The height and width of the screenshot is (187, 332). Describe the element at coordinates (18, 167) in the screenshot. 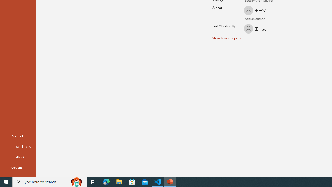

I see `'Options'` at that location.